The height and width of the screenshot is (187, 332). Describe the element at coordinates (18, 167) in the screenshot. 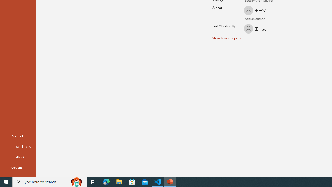

I see `'Options'` at that location.